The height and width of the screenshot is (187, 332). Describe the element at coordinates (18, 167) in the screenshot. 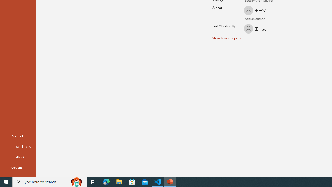

I see `'Options'` at that location.